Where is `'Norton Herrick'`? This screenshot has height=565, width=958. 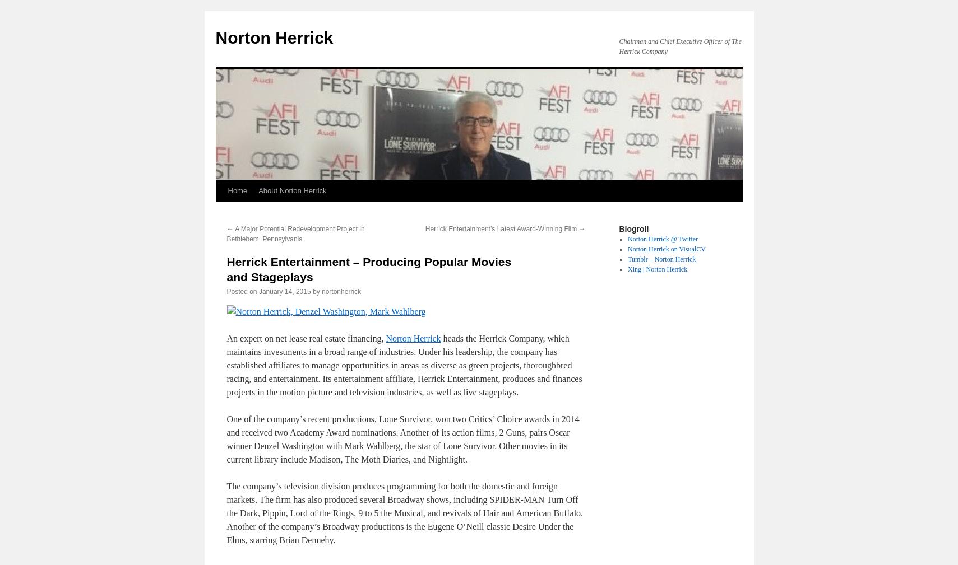 'Norton Herrick' is located at coordinates (412, 338).